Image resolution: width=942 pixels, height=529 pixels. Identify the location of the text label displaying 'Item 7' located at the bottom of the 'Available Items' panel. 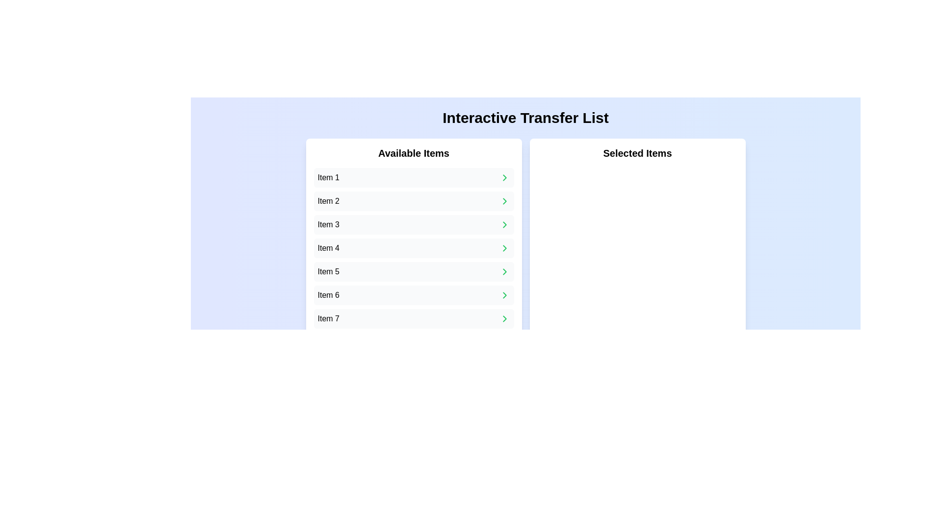
(328, 319).